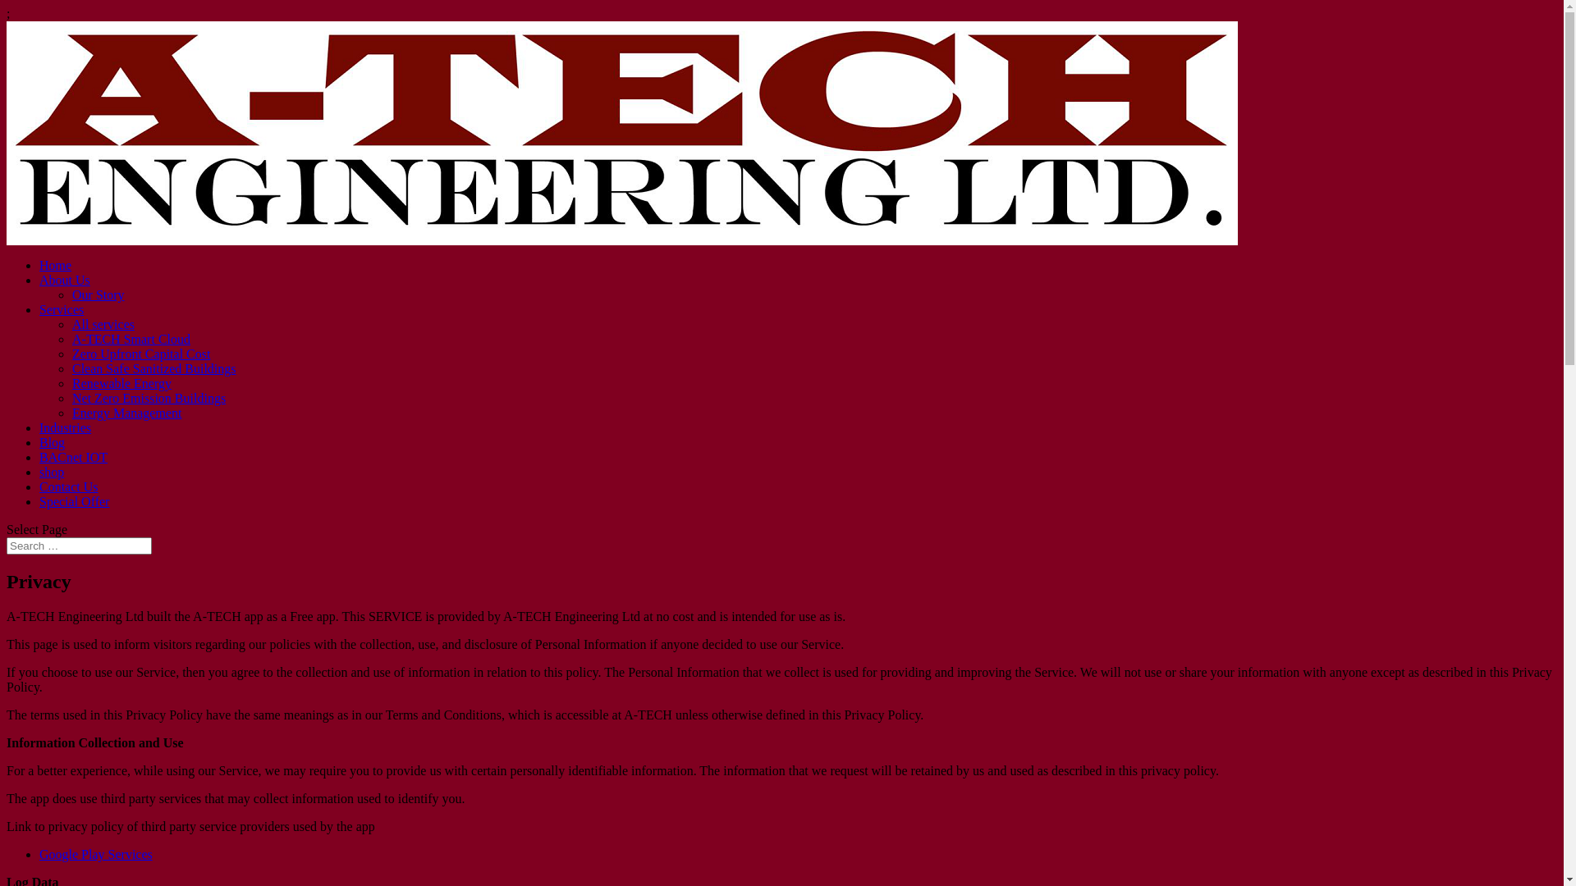  What do you see at coordinates (67, 486) in the screenshot?
I see `'Contact Us'` at bounding box center [67, 486].